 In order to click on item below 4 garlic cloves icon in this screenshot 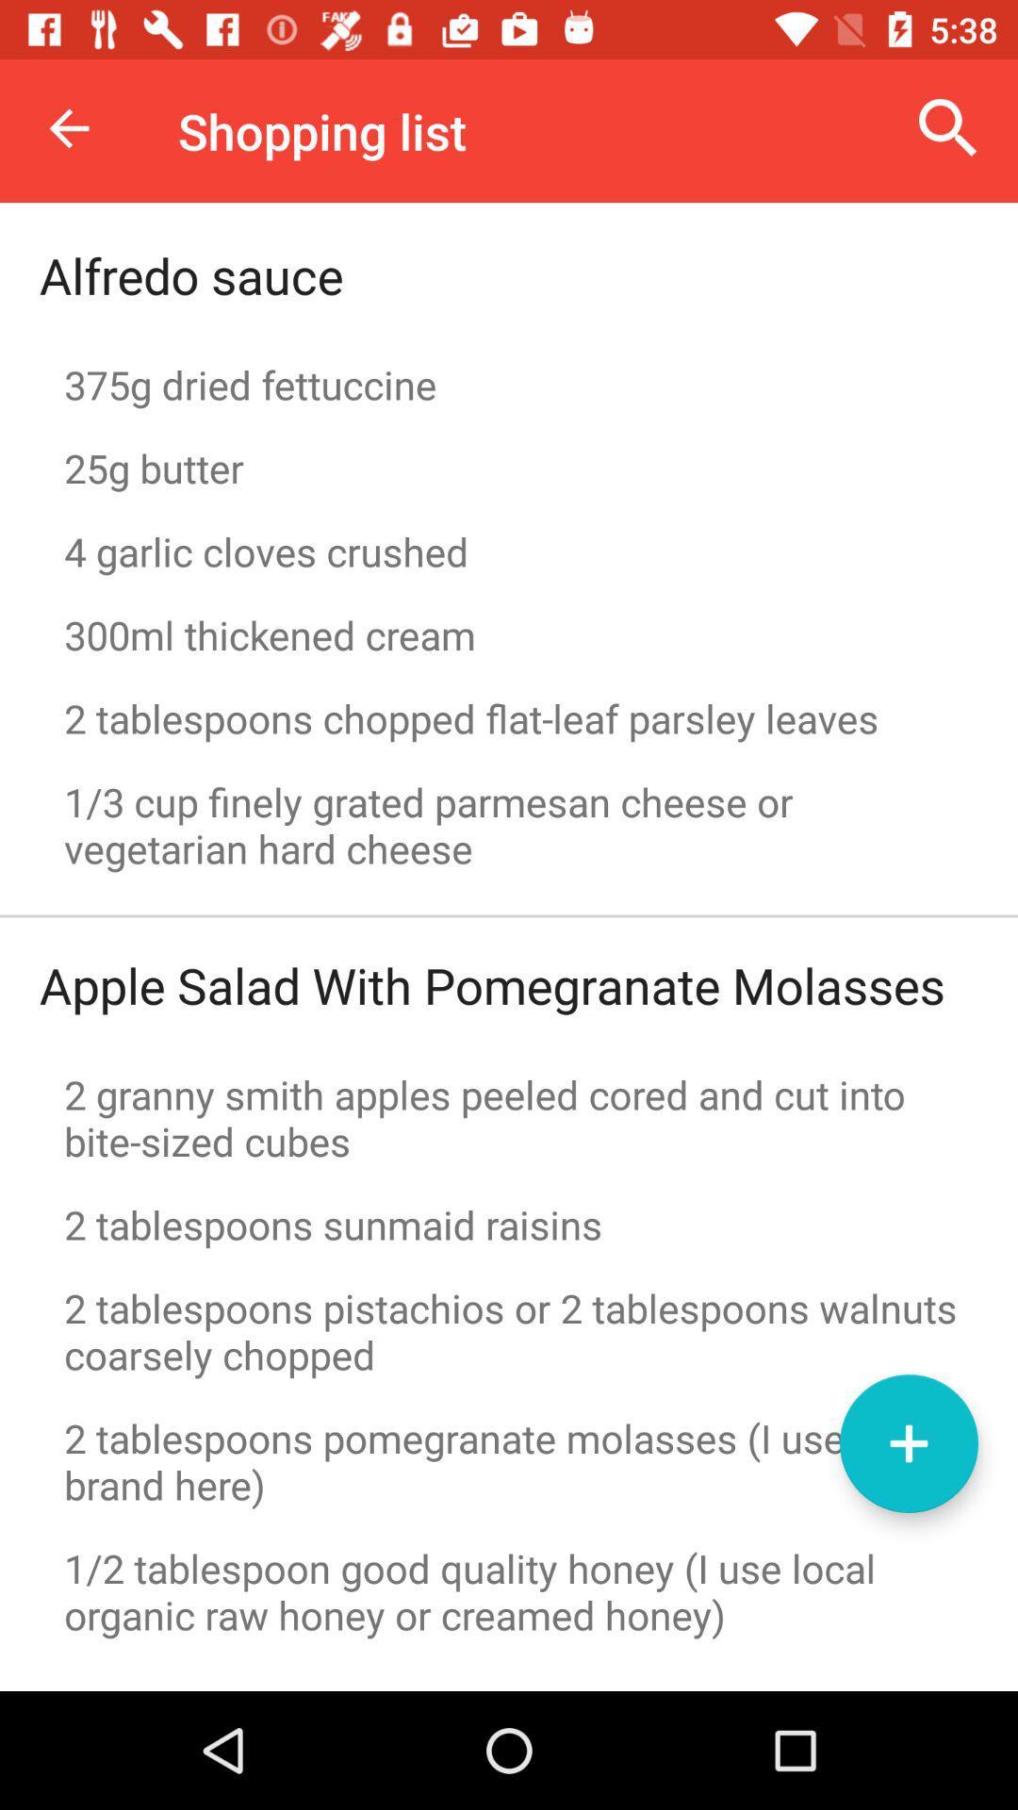, I will do `click(509, 634)`.